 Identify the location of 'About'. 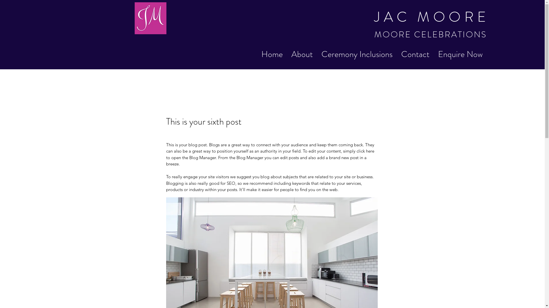
(302, 54).